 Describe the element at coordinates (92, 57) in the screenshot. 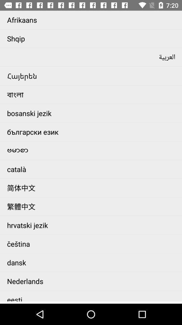

I see `item below the shqip item` at that location.